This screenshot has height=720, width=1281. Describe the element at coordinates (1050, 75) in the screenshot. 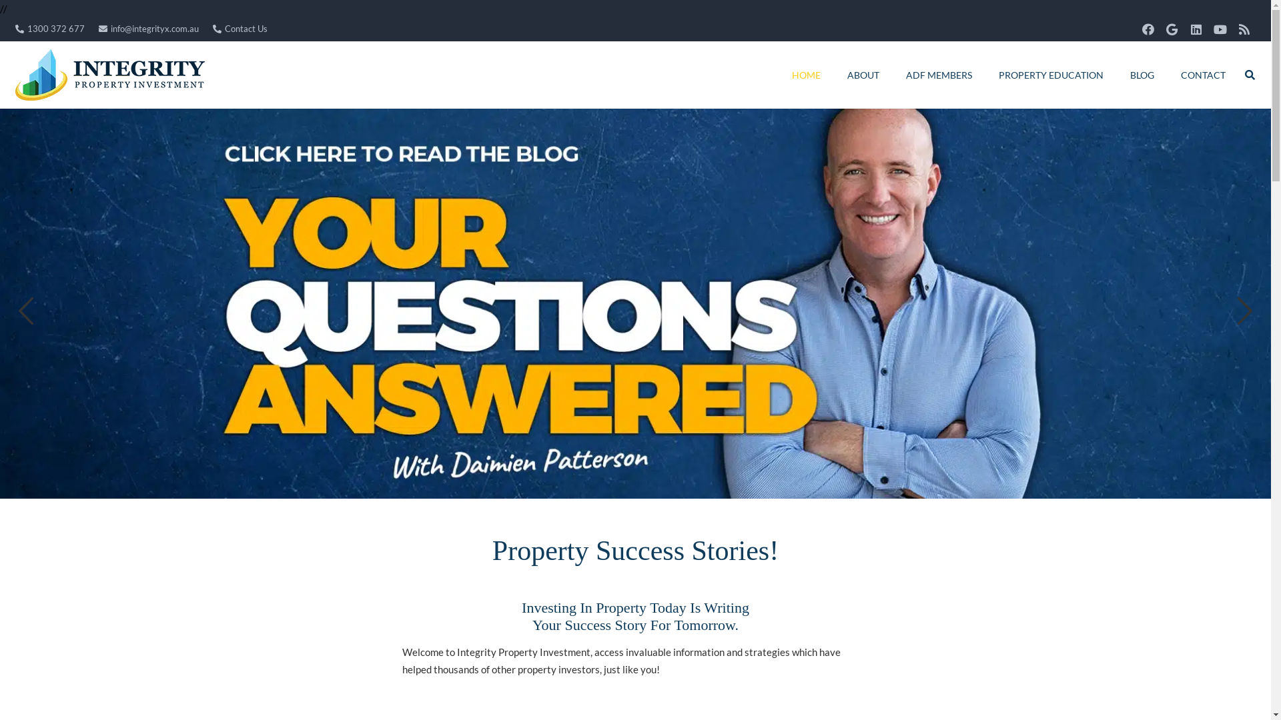

I see `'PROPERTY EDUCATION'` at that location.